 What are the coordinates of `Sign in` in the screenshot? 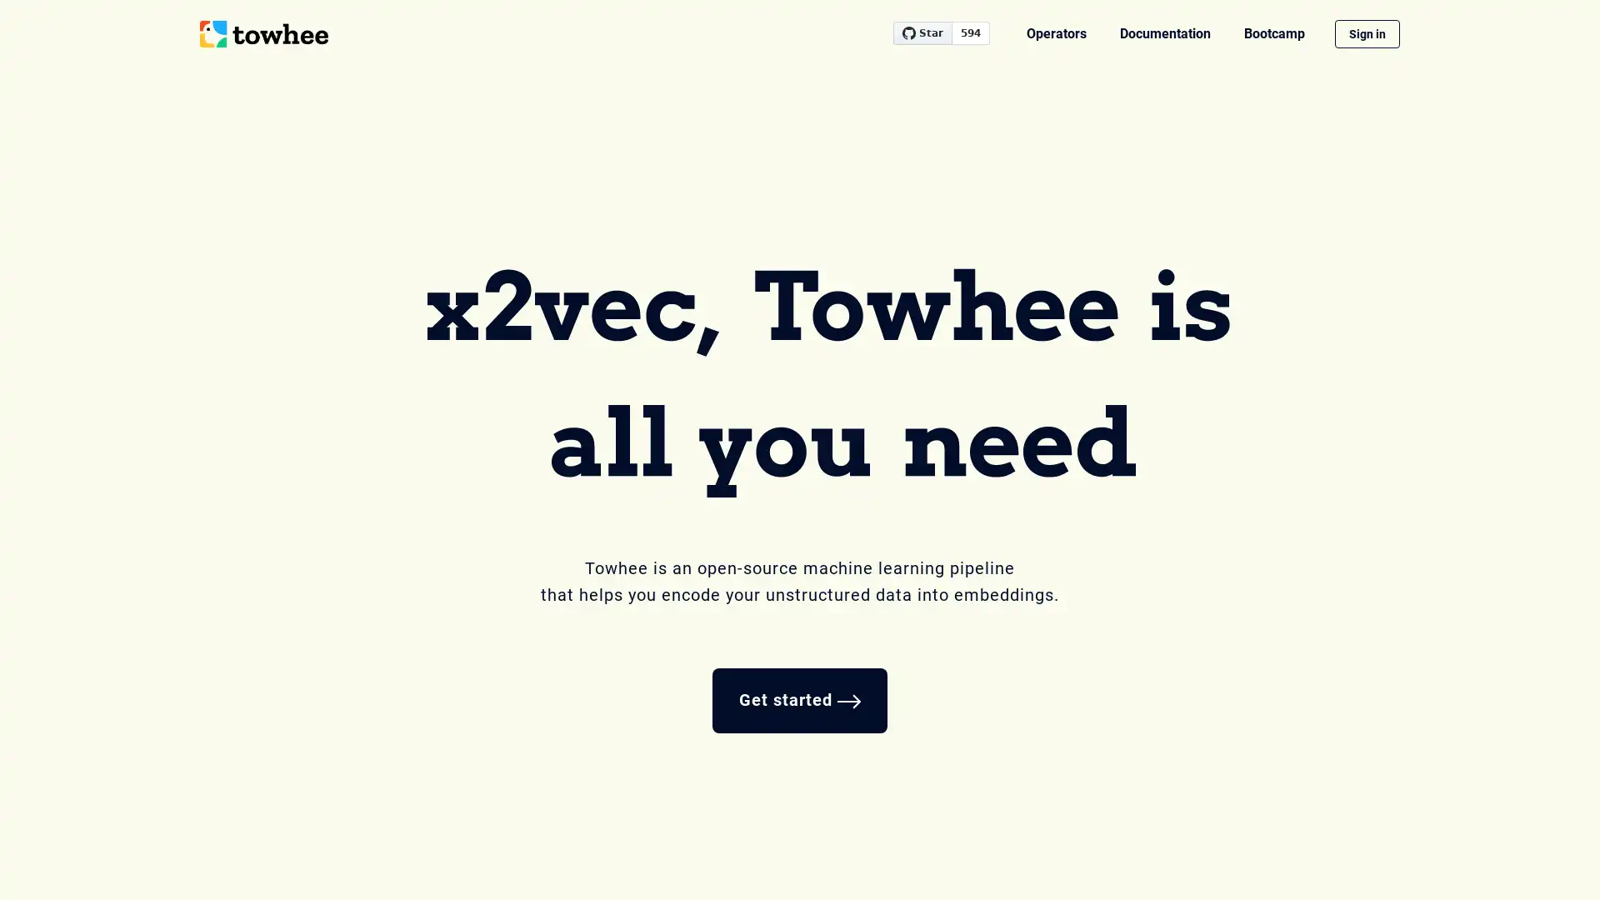 It's located at (1367, 34).